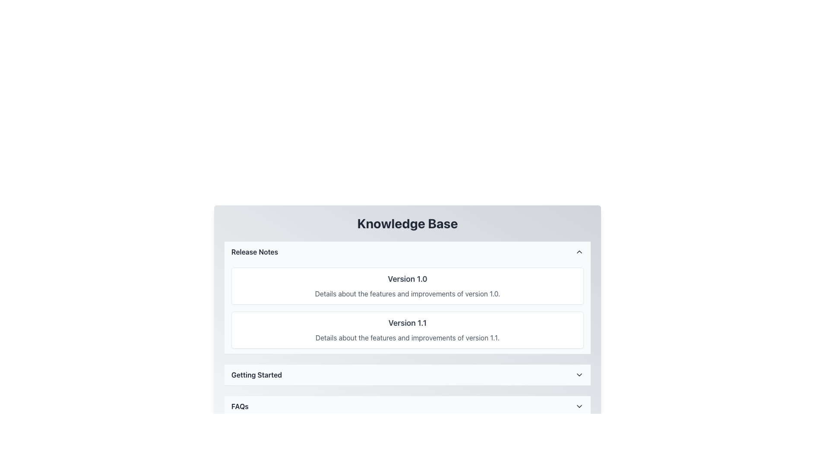 This screenshot has width=829, height=466. I want to click on the 'FAQs' Collapsible Section Header, so click(407, 406).